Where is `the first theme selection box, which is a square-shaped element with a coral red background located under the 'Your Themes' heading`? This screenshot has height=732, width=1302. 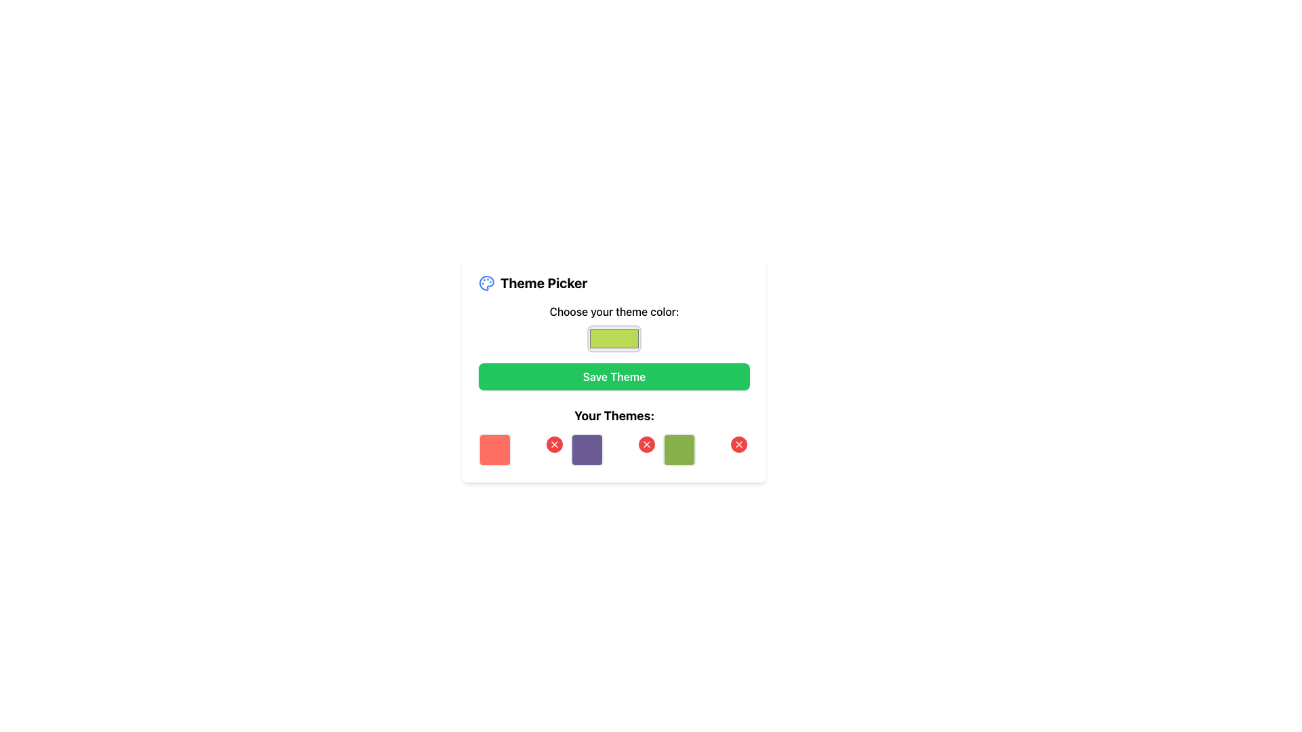 the first theme selection box, which is a square-shaped element with a coral red background located under the 'Your Themes' heading is located at coordinates (494, 449).